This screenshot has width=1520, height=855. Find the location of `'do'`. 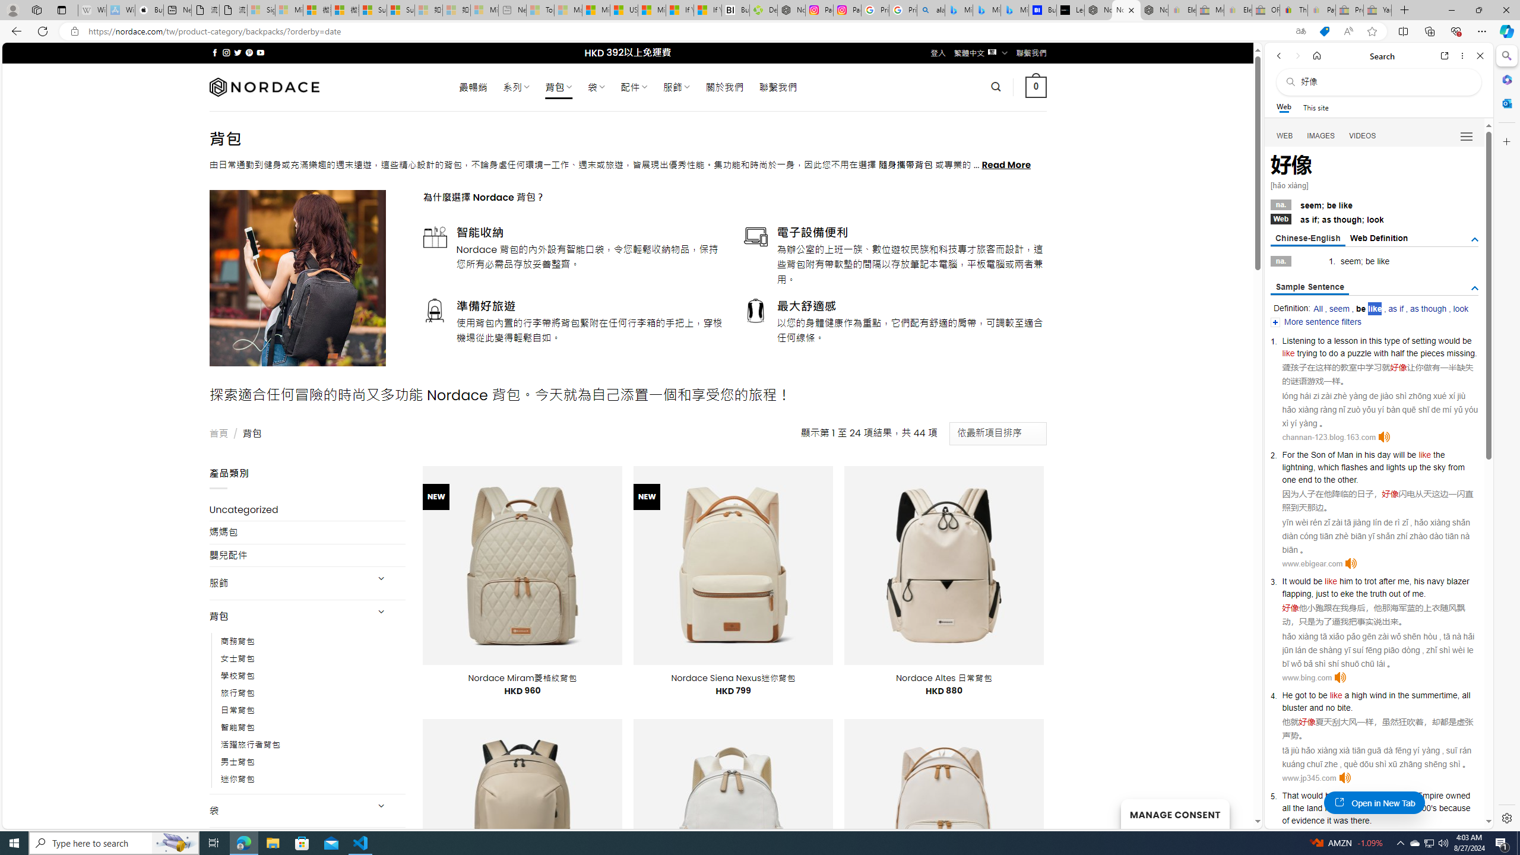

'do' is located at coordinates (1333, 353).